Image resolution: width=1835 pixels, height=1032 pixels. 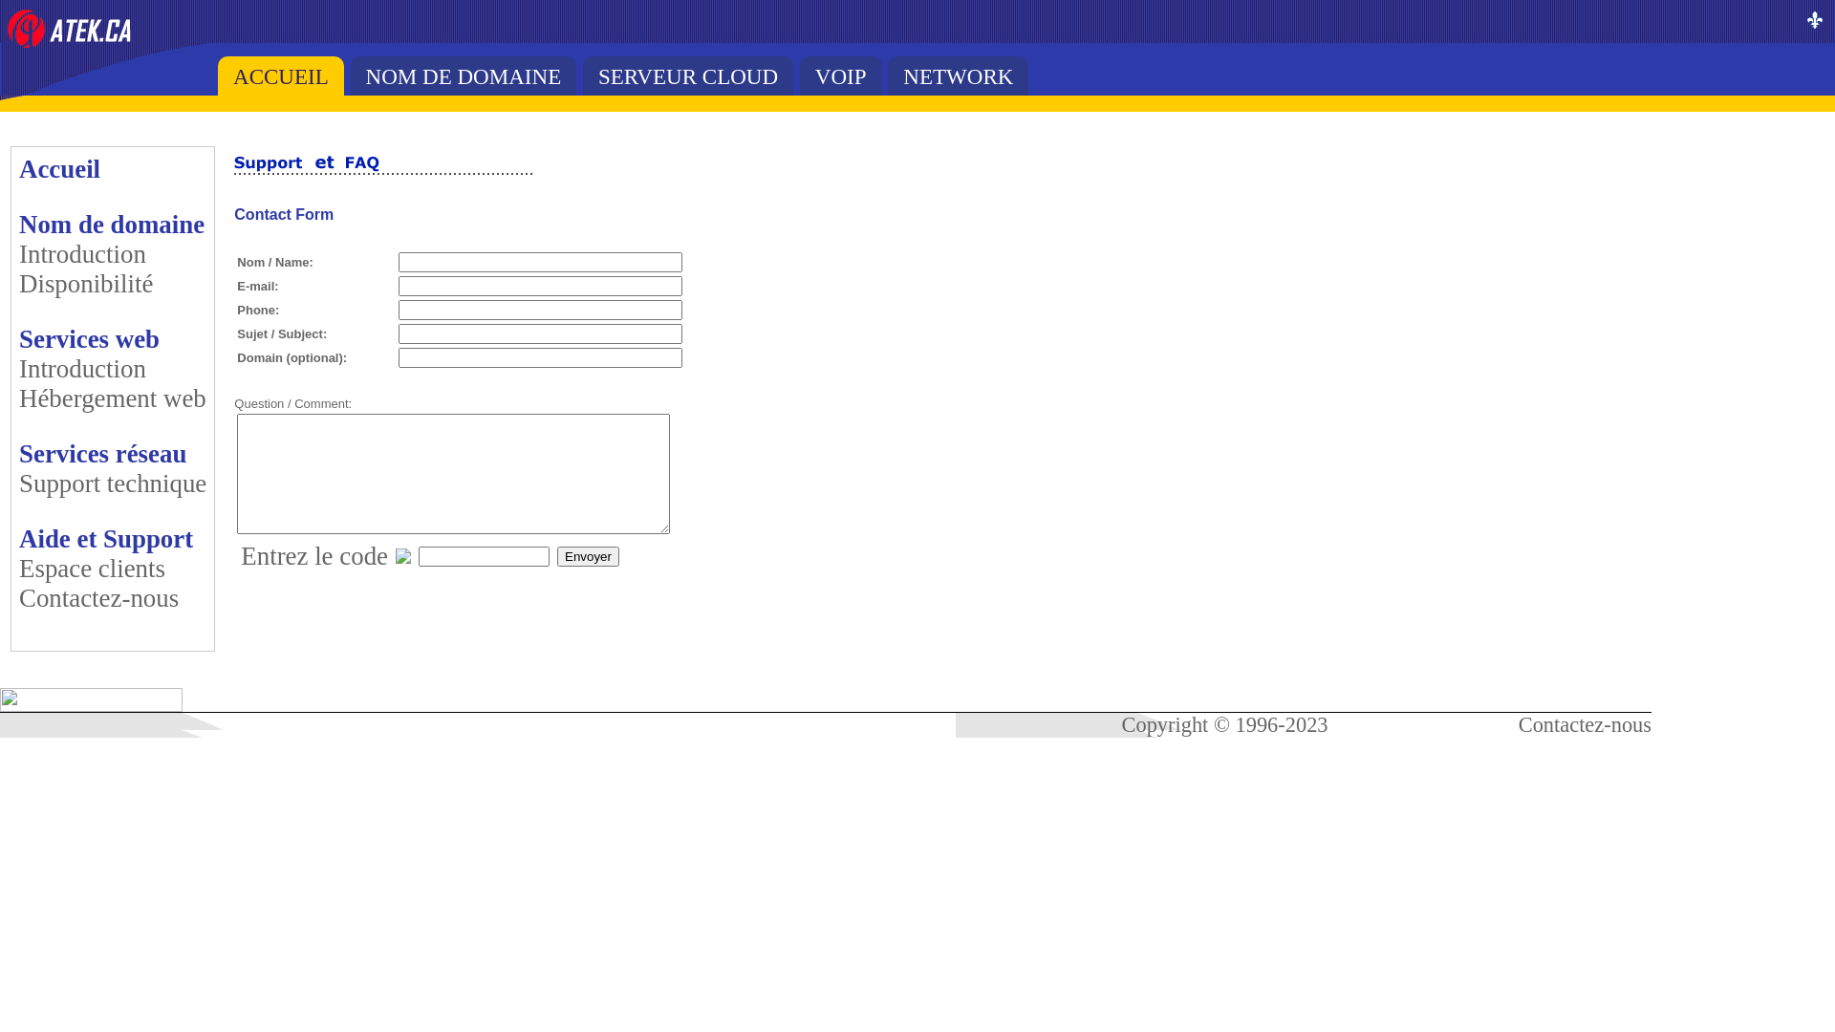 I want to click on 'Envoyer', so click(x=587, y=556).